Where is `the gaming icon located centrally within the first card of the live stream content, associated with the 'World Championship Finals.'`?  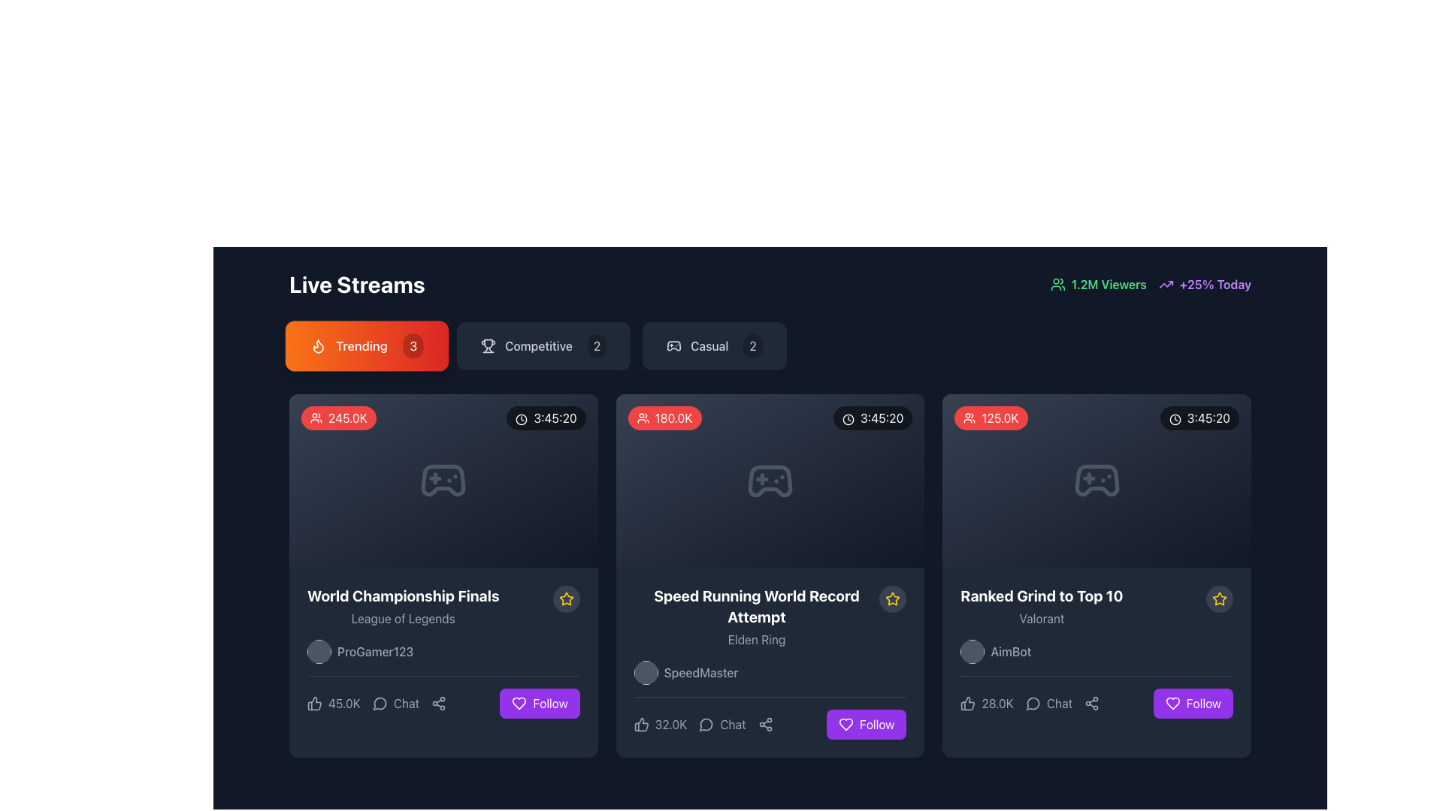
the gaming icon located centrally within the first card of the live stream content, associated with the 'World Championship Finals.' is located at coordinates (443, 481).